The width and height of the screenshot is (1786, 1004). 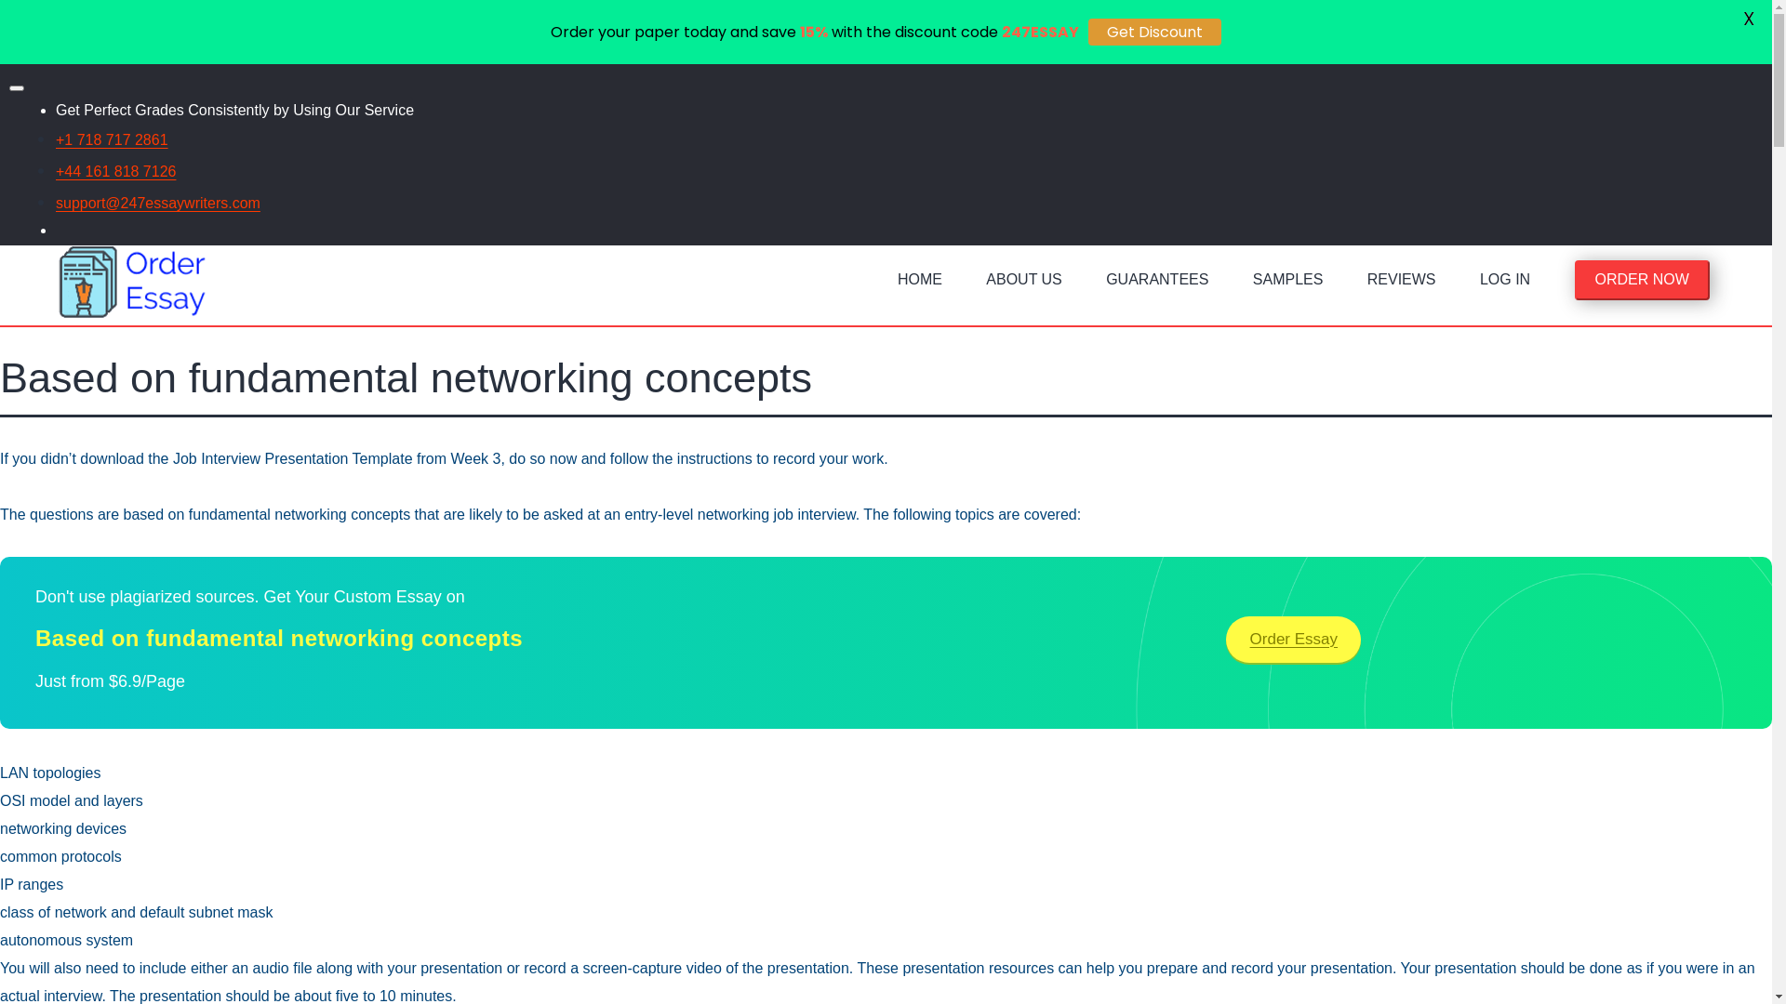 I want to click on 'ABOUT US', so click(x=1022, y=284).